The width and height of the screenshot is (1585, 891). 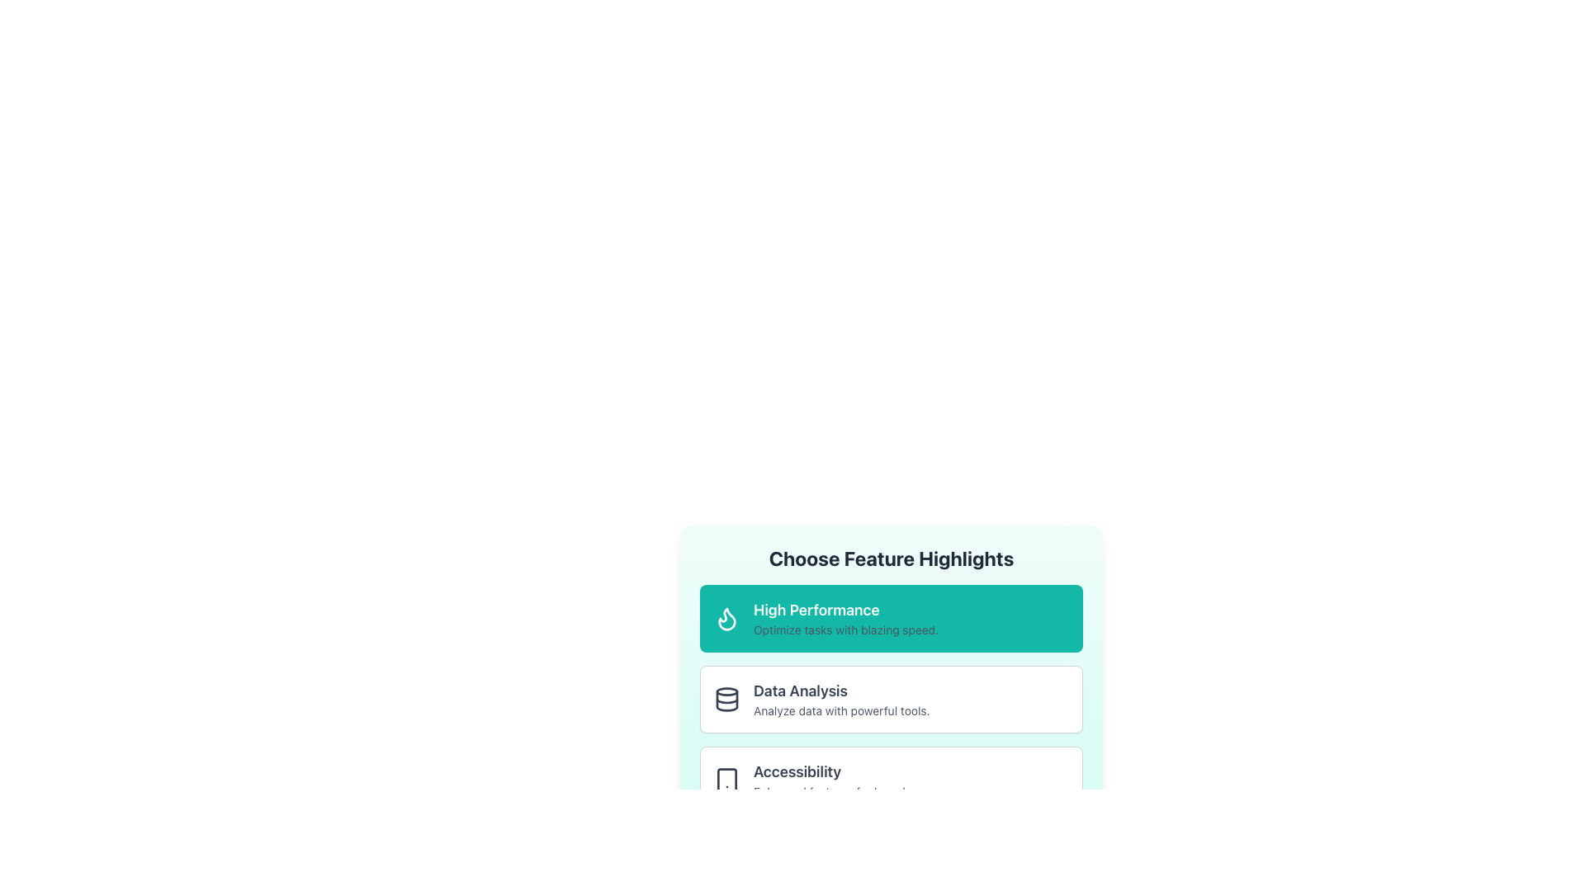 What do you see at coordinates (846, 618) in the screenshot?
I see `text information from the text description block that contains 'High Performance' and 'Optimize tasks with blazing speed' within a teal background` at bounding box center [846, 618].